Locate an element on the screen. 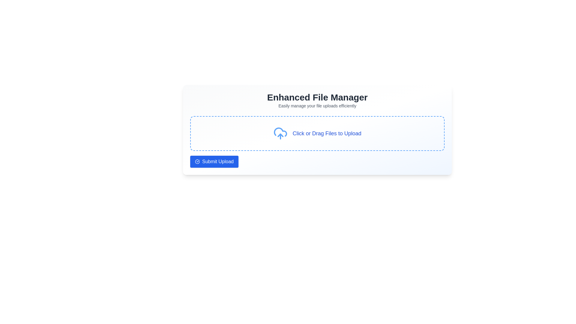 The image size is (576, 324). the title text element that introduces the content and purpose of the application interface, positioned above the text 'Easily manage your file uploads efficiently' is located at coordinates (317, 97).